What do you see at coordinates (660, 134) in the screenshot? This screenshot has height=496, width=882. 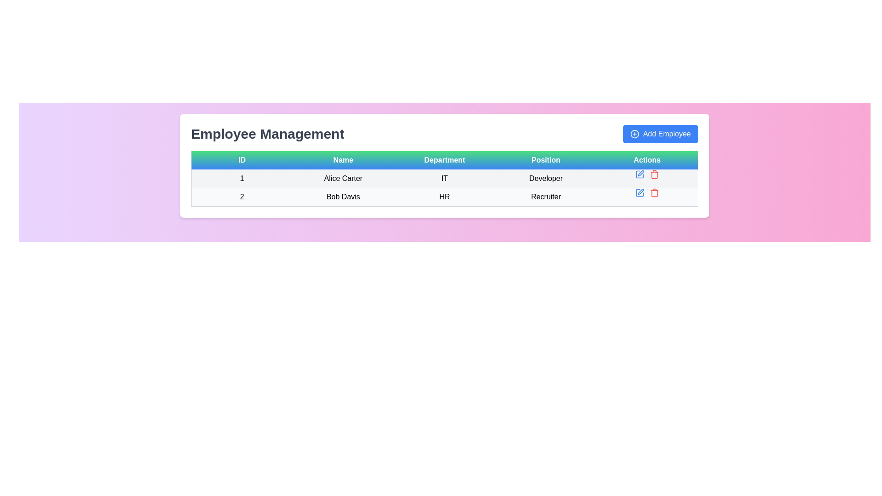 I see `the blue rectangular button labeled 'Add Employee'` at bounding box center [660, 134].